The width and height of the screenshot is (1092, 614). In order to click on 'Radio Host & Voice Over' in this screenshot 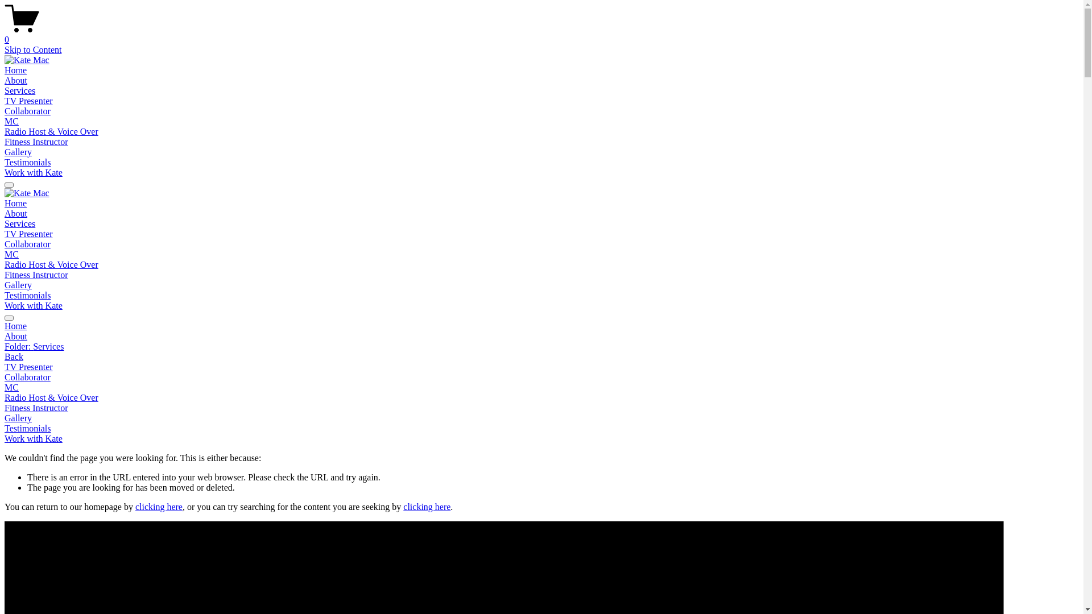, I will do `click(51, 131)`.